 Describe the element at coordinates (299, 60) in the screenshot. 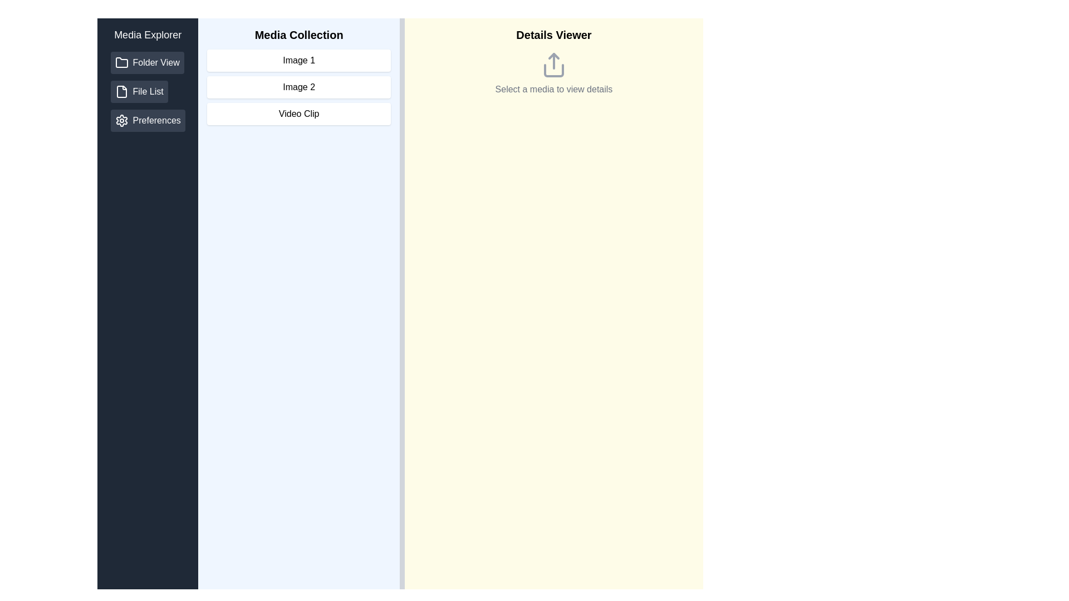

I see `the 'Image 1' button in the Media Collection section` at that location.